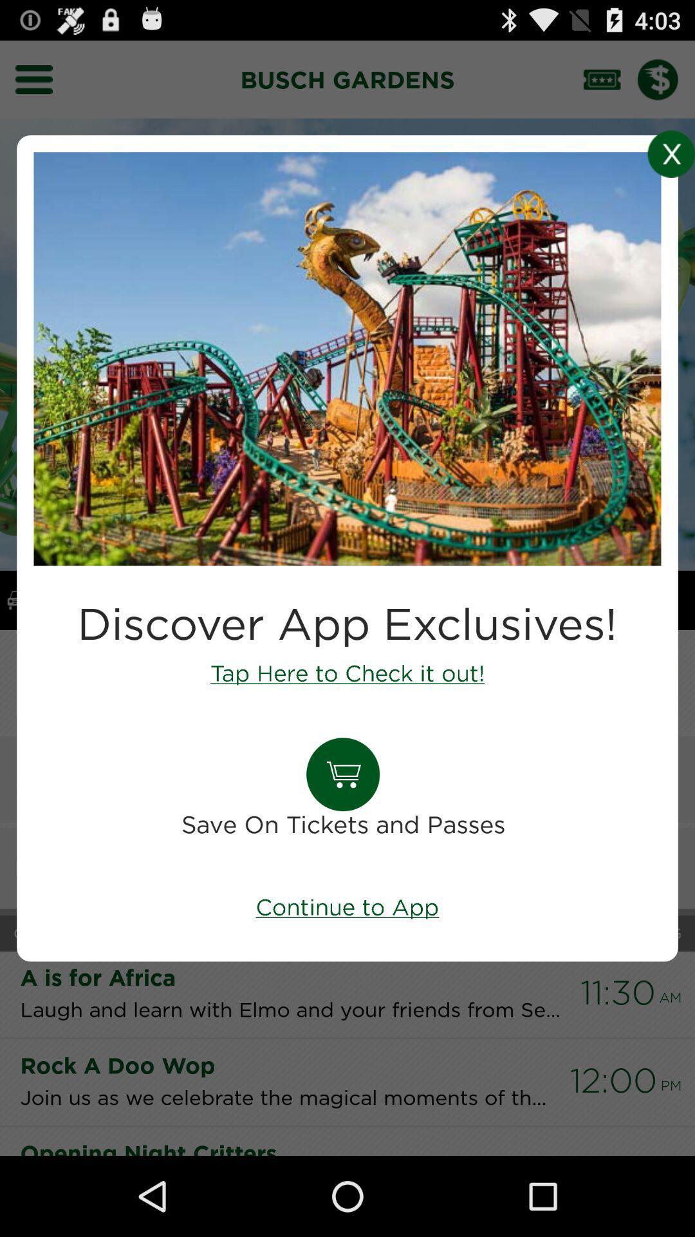  I want to click on the close icon, so click(671, 164).